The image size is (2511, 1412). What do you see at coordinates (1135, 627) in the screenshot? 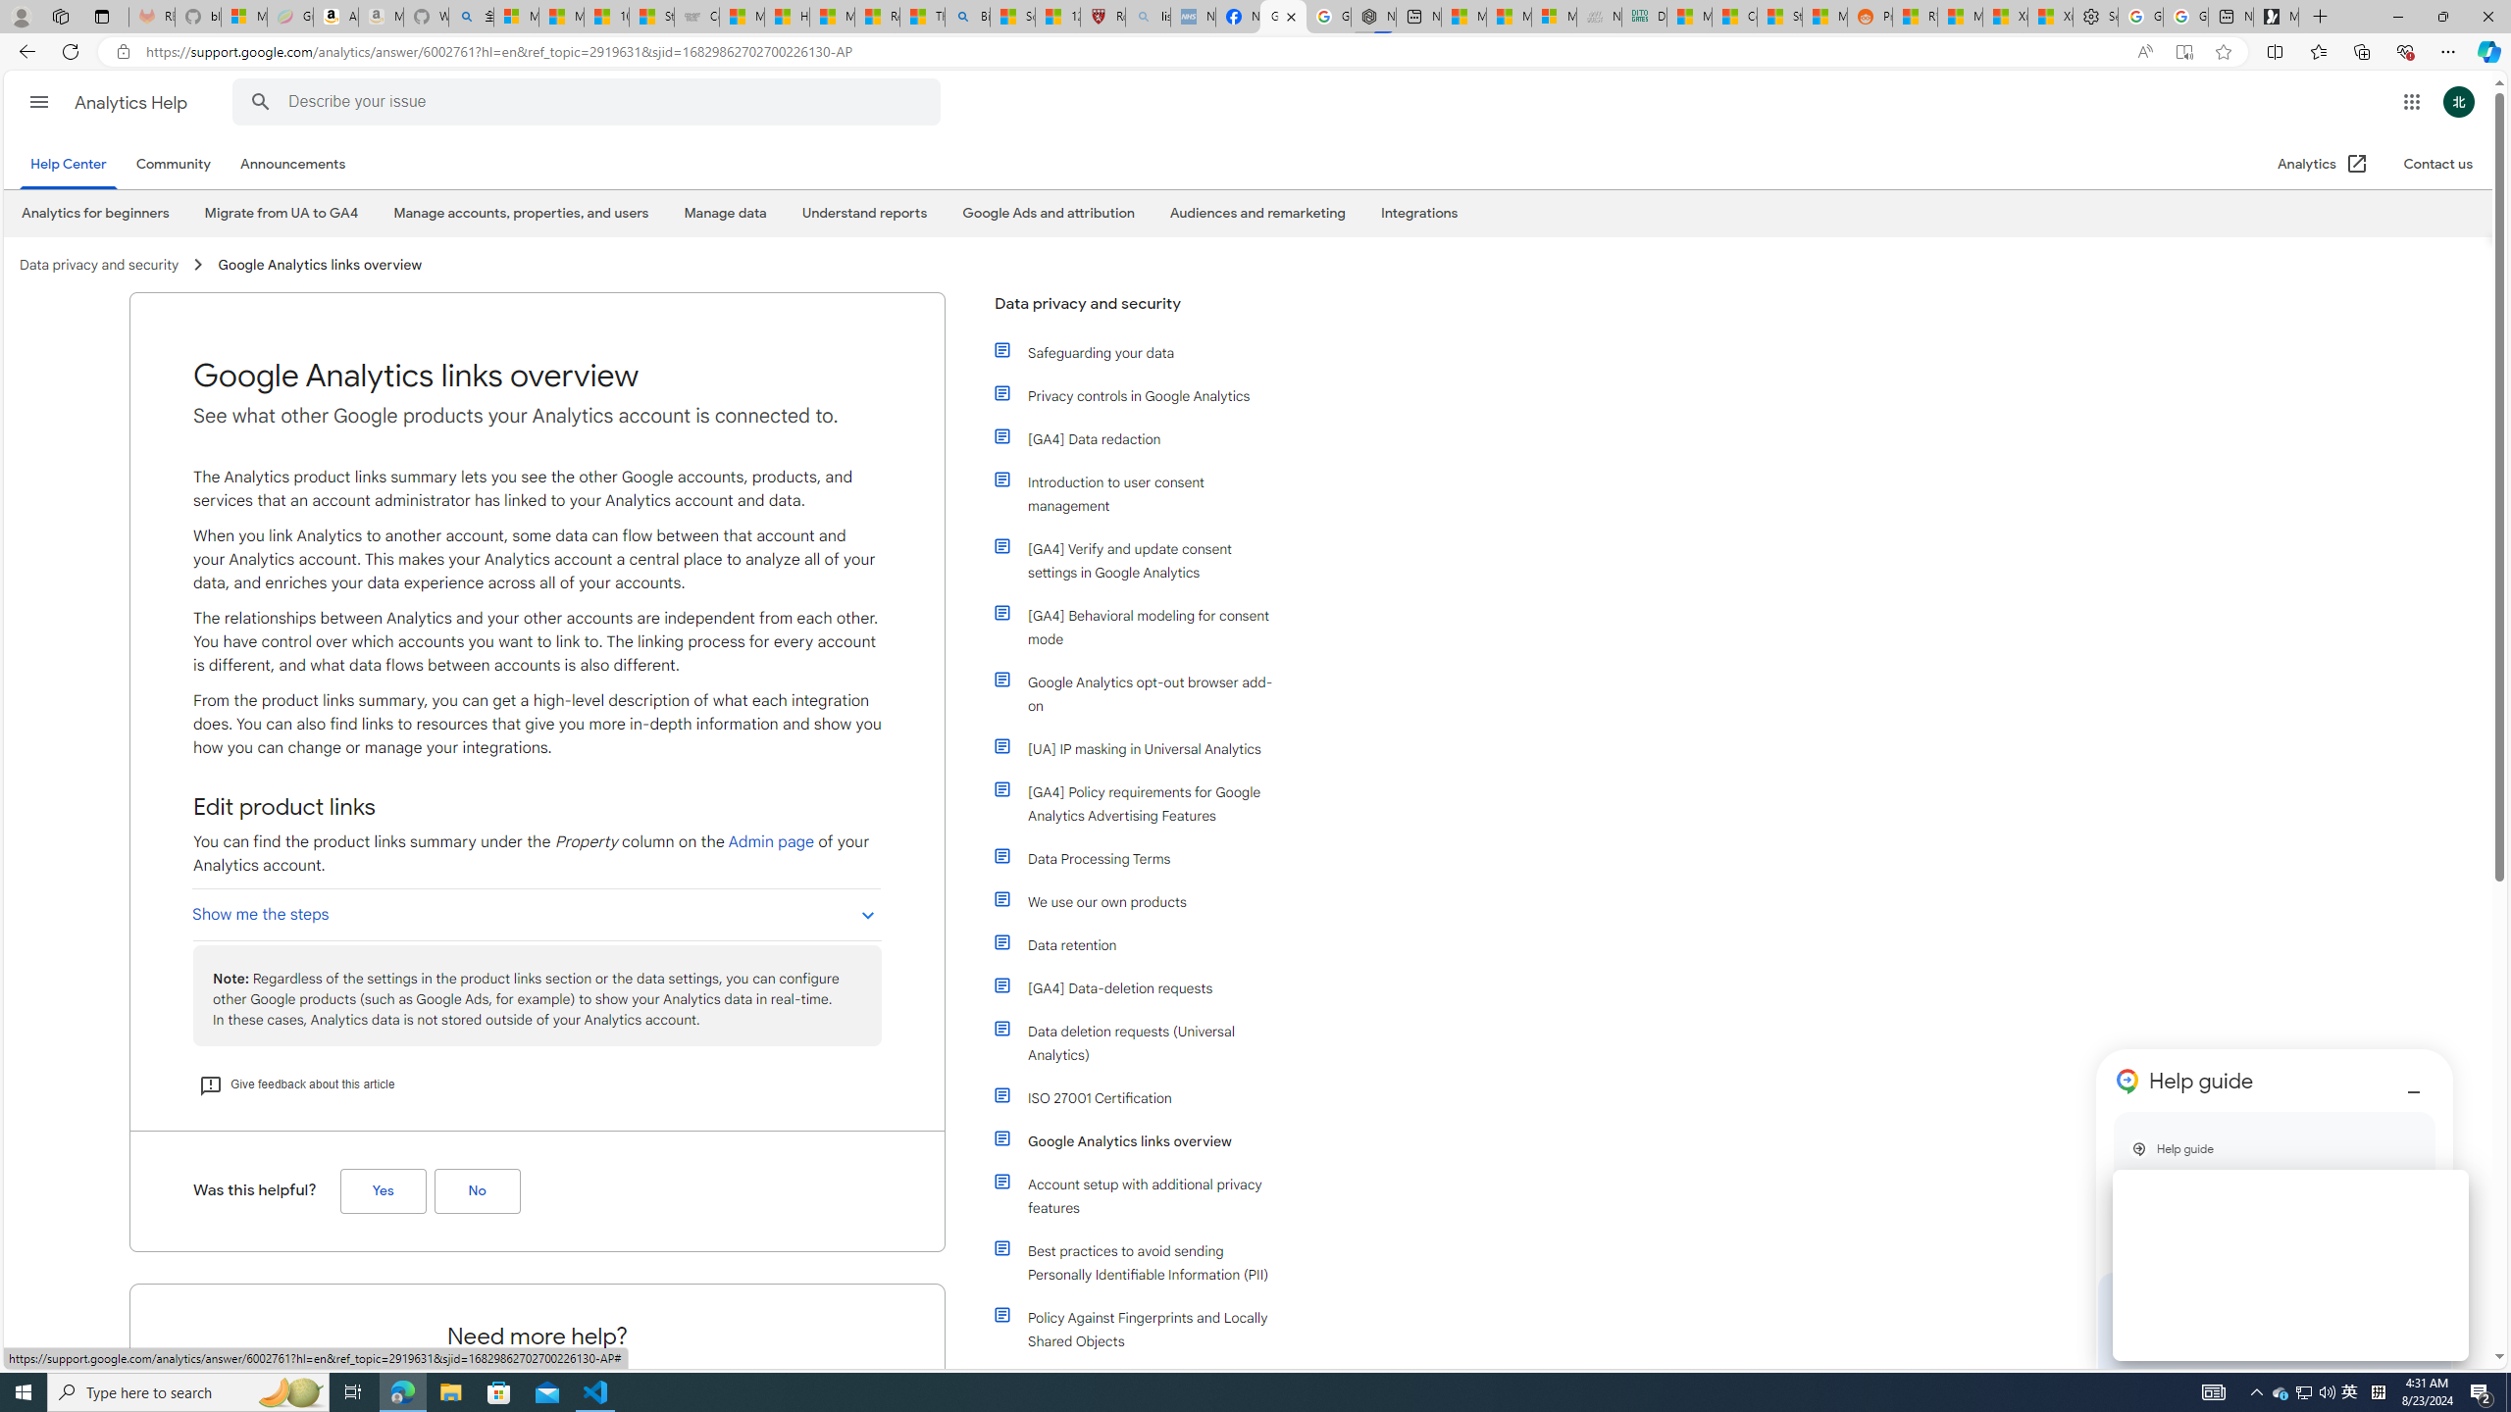
I see `'[GA4] Behavioral modeling for consent mode'` at bounding box center [1135, 627].